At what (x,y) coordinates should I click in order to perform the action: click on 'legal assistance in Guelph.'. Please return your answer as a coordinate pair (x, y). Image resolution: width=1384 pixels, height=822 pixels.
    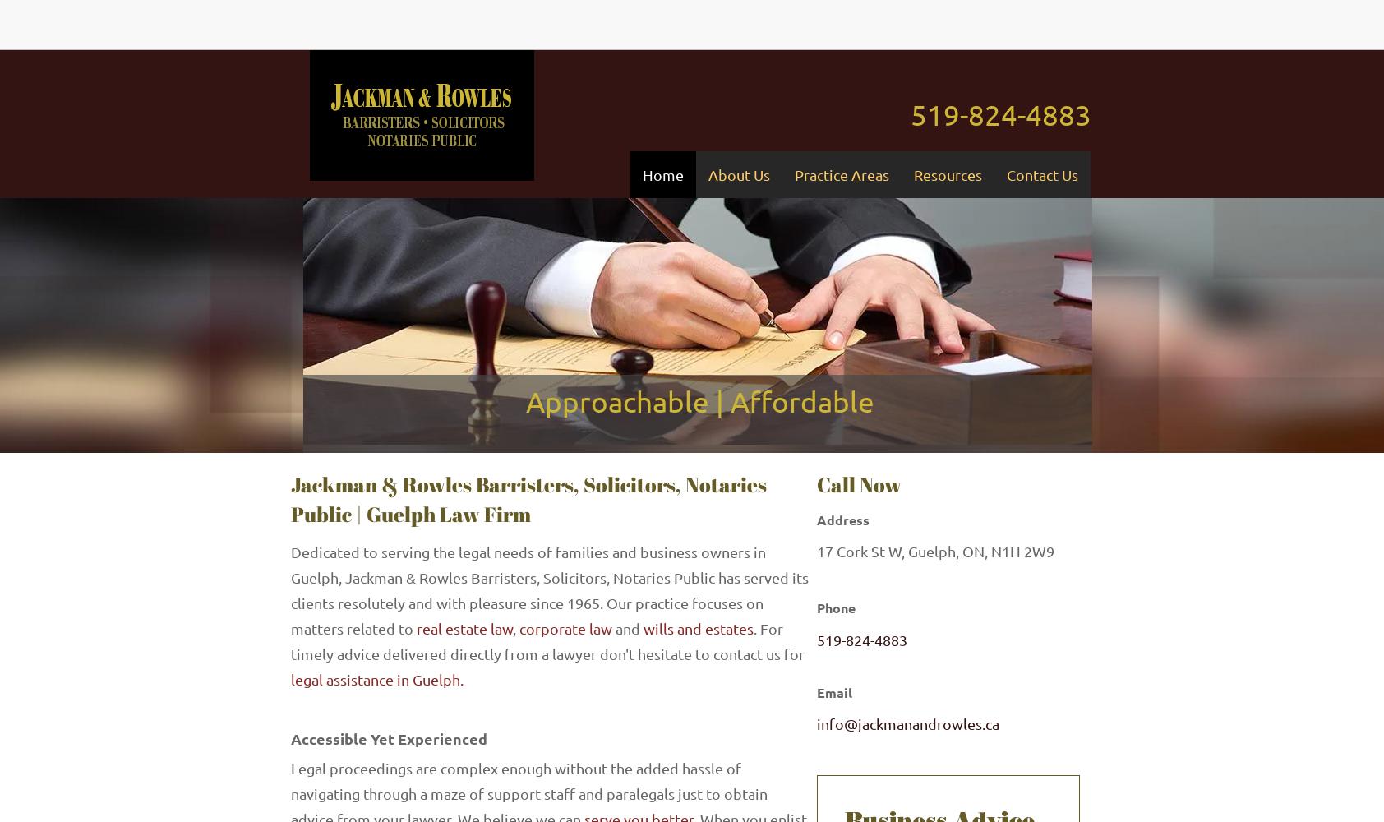
    Looking at the image, I should click on (376, 678).